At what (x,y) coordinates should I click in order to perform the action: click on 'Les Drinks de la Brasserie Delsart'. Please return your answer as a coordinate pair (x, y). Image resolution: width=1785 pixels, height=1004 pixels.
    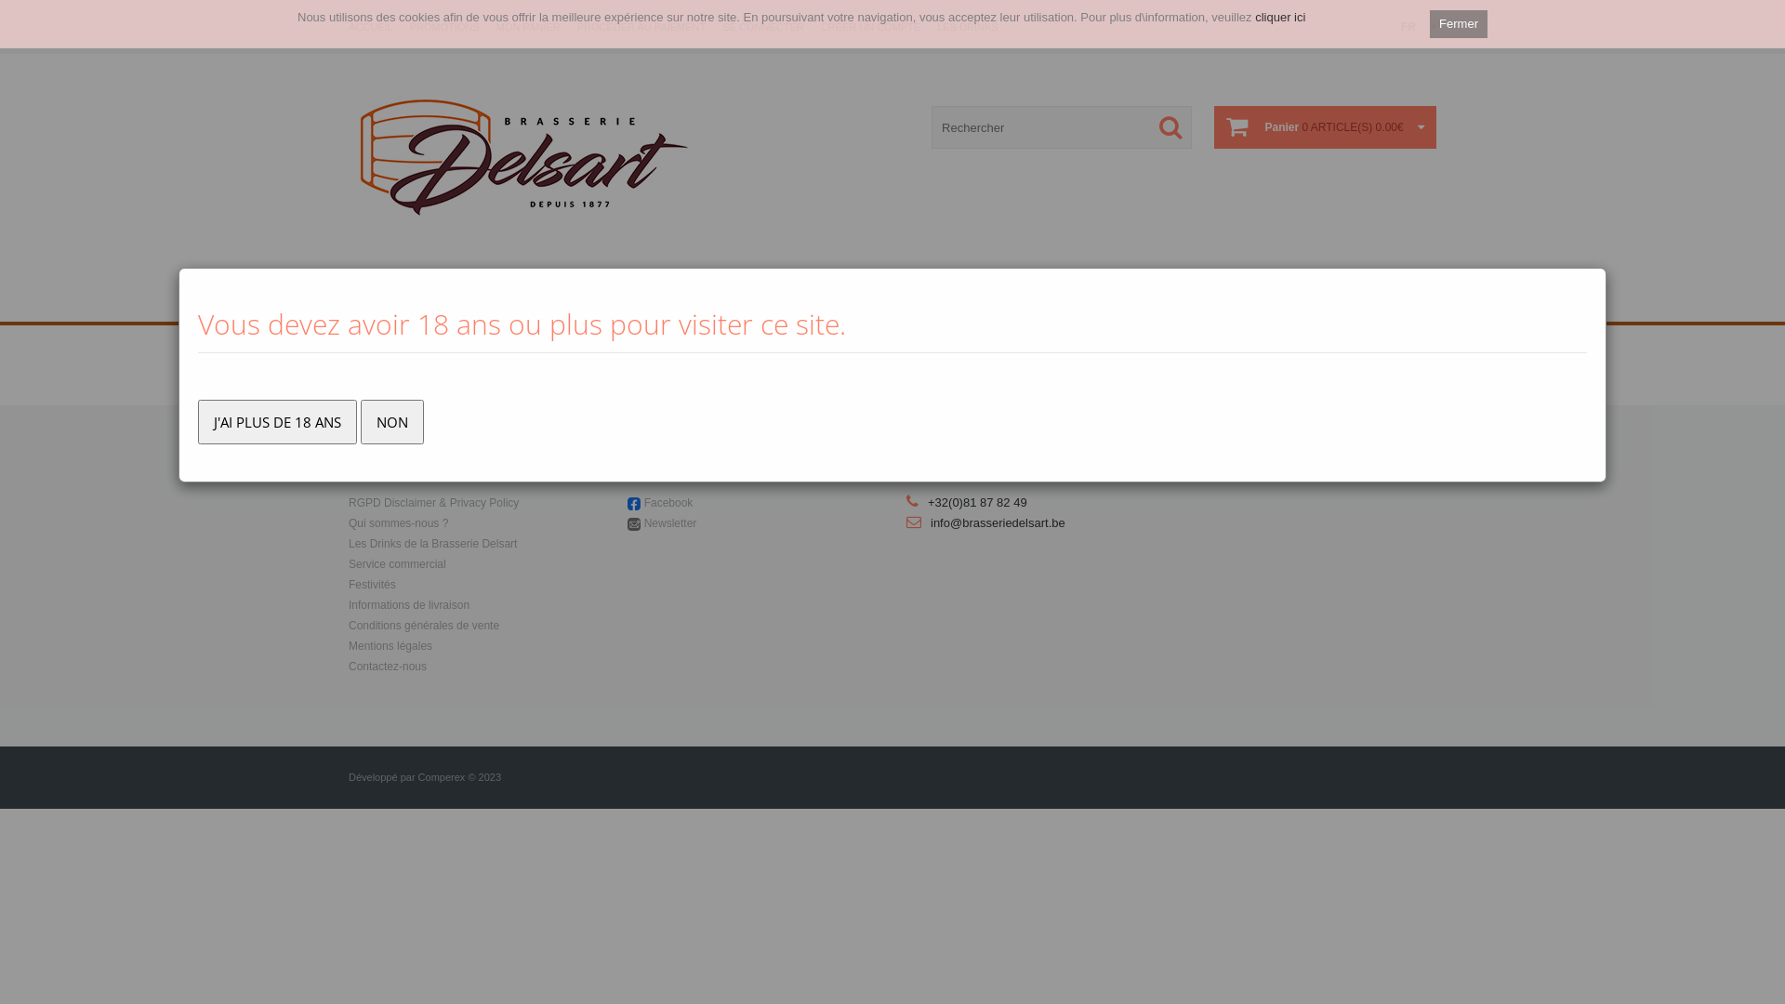
    Looking at the image, I should click on (431, 544).